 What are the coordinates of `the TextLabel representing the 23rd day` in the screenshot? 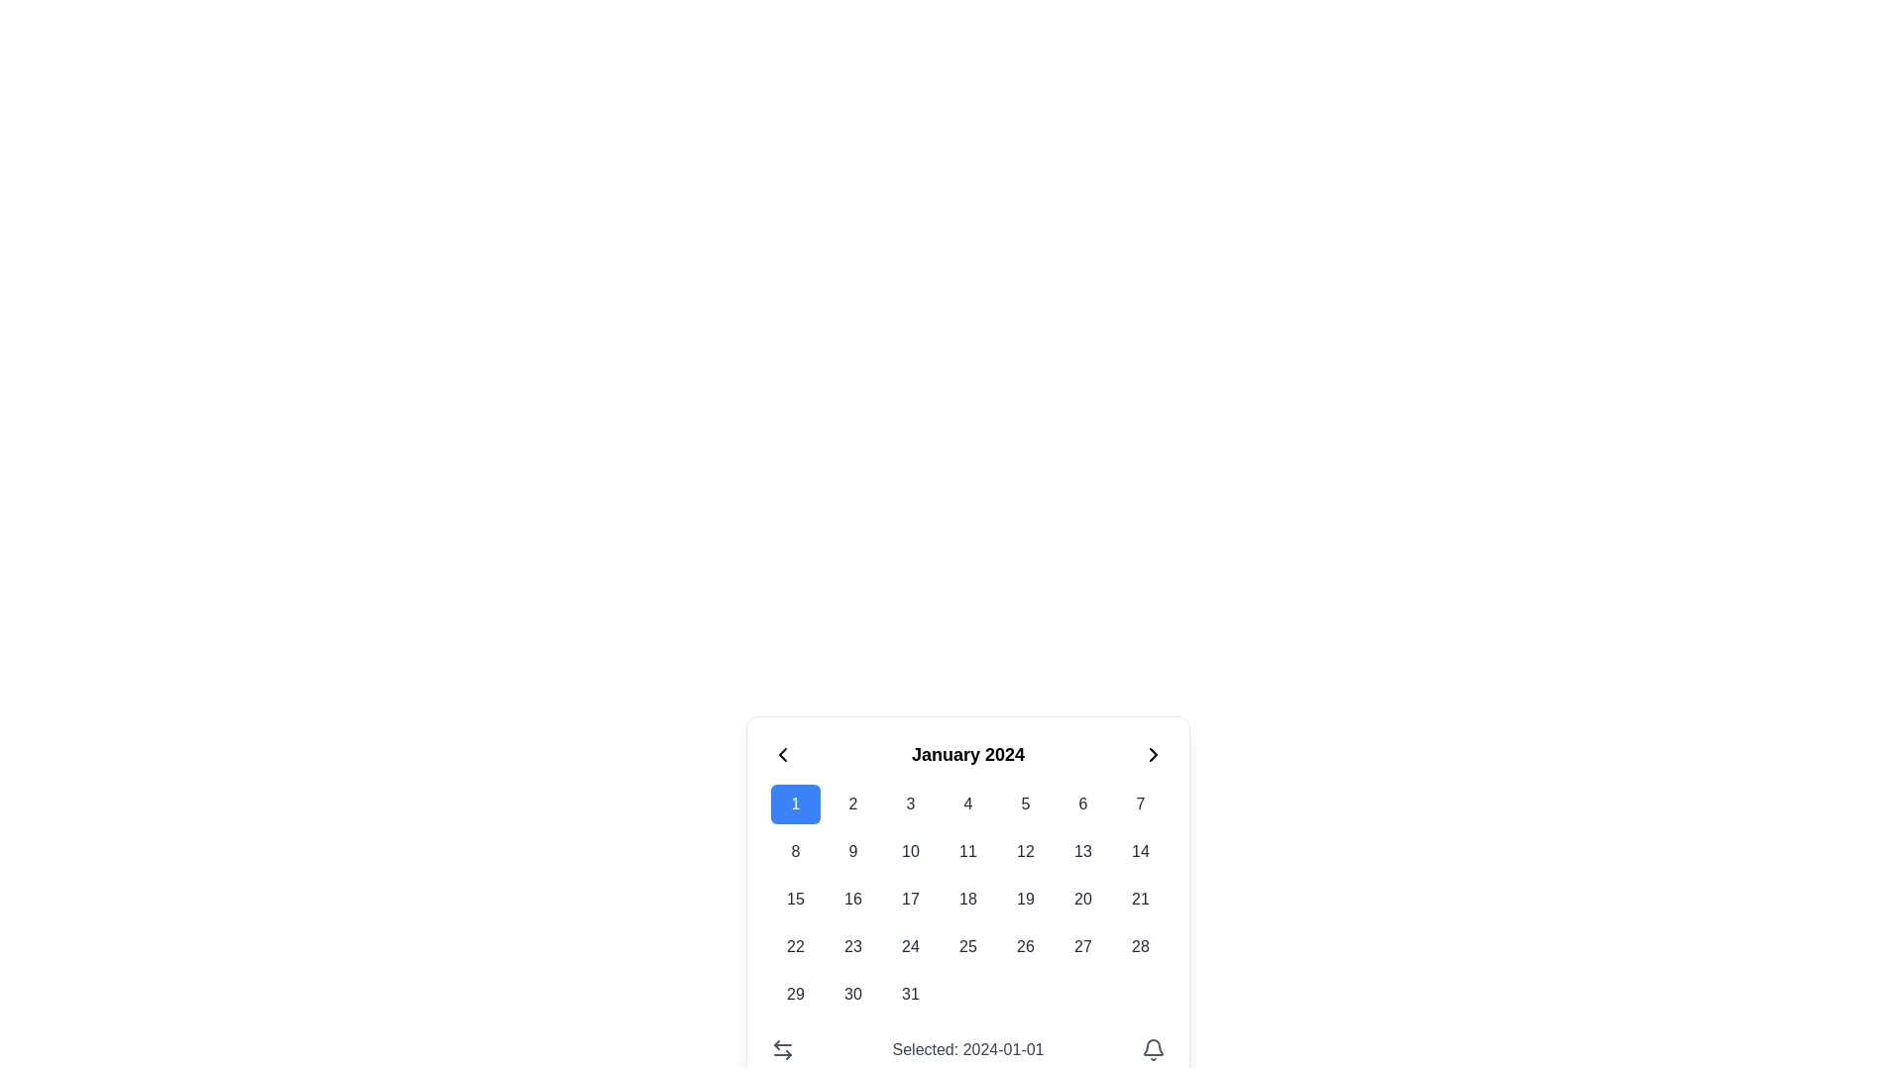 It's located at (852, 946).